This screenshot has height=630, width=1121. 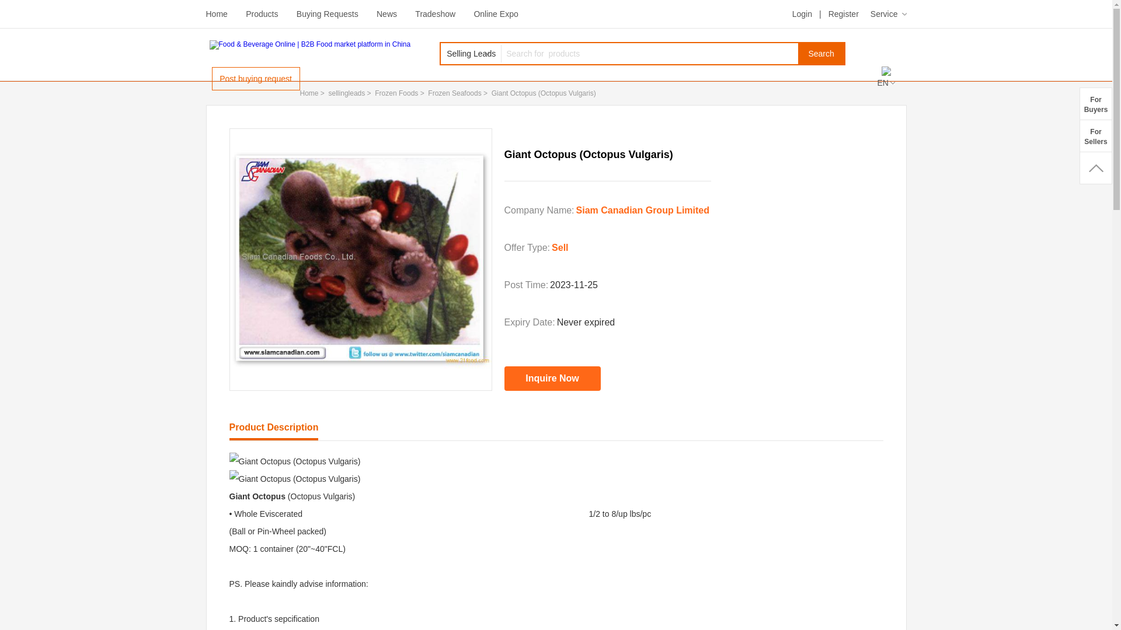 I want to click on 'Frozen Seafoods', so click(x=427, y=92).